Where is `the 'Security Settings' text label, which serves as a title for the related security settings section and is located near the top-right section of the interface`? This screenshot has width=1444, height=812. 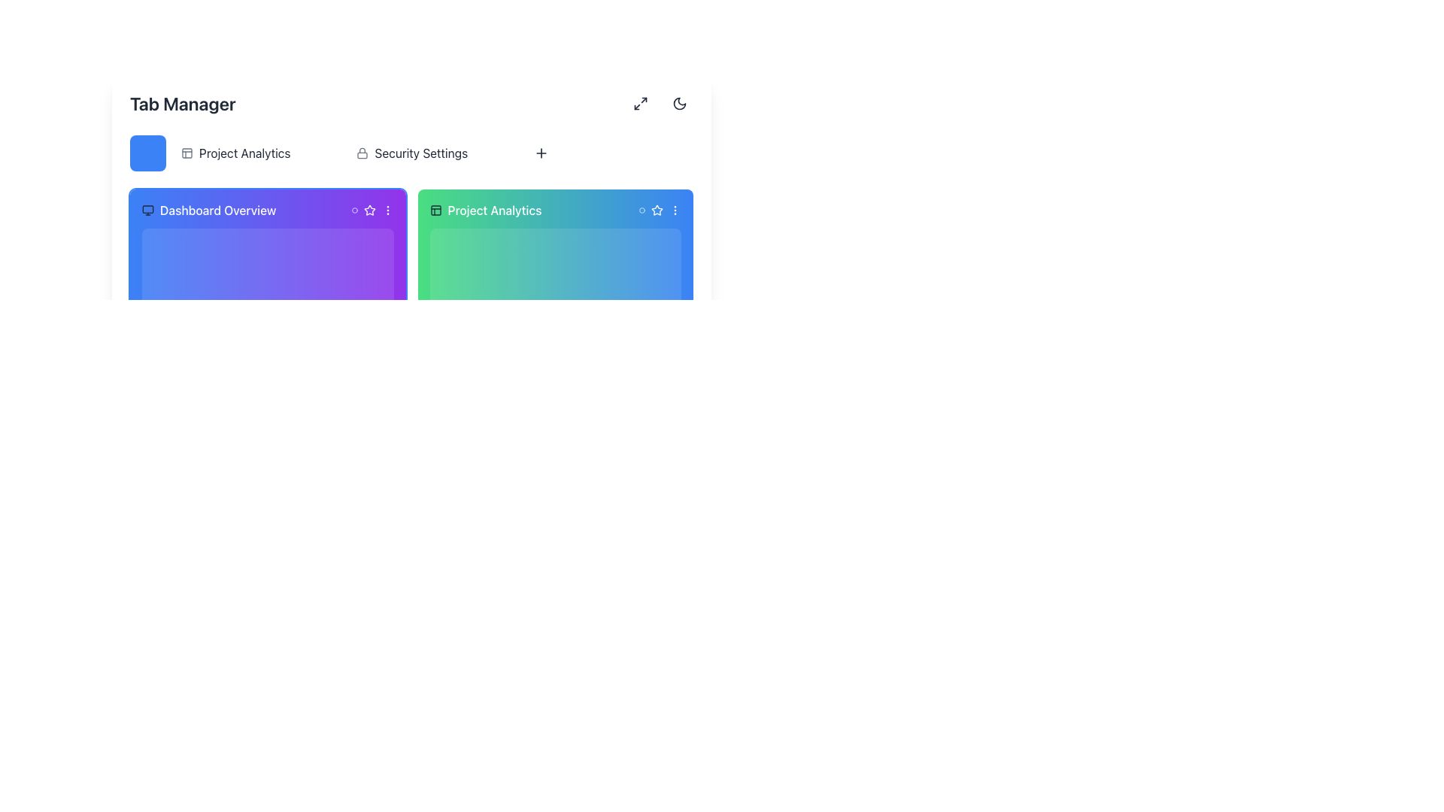 the 'Security Settings' text label, which serves as a title for the related security settings section and is located near the top-right section of the interface is located at coordinates (421, 153).